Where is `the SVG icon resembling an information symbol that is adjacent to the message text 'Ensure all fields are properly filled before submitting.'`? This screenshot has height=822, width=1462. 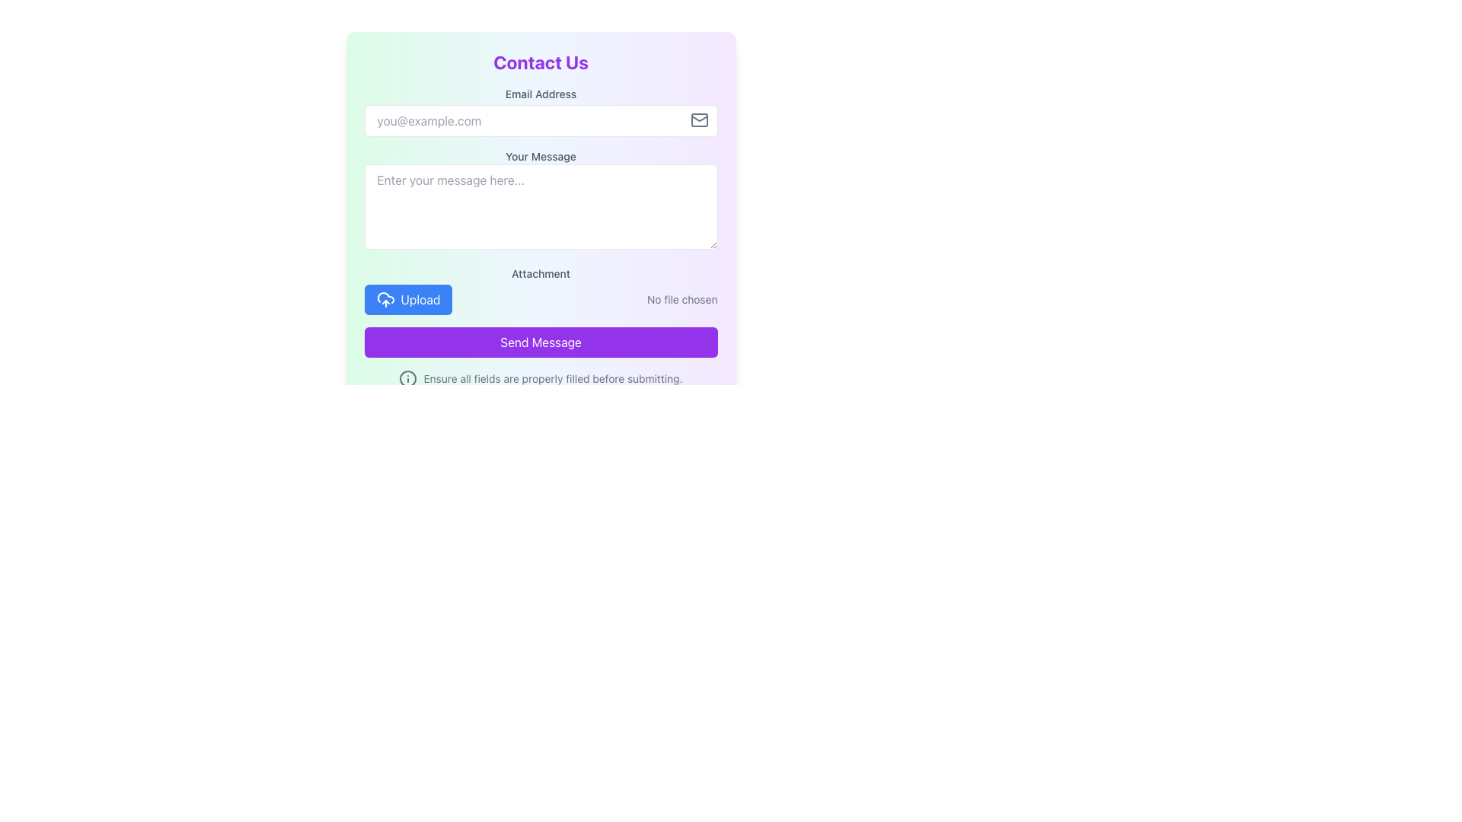
the SVG icon resembling an information symbol that is adjacent to the message text 'Ensure all fields are properly filled before submitting.' is located at coordinates (408, 378).